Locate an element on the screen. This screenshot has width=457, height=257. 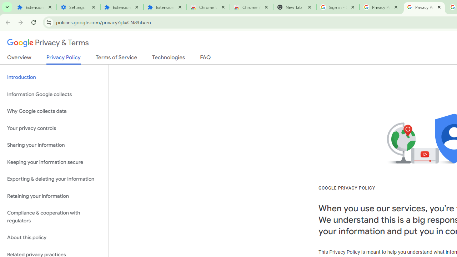
'Privacy Policy' is located at coordinates (63, 59).